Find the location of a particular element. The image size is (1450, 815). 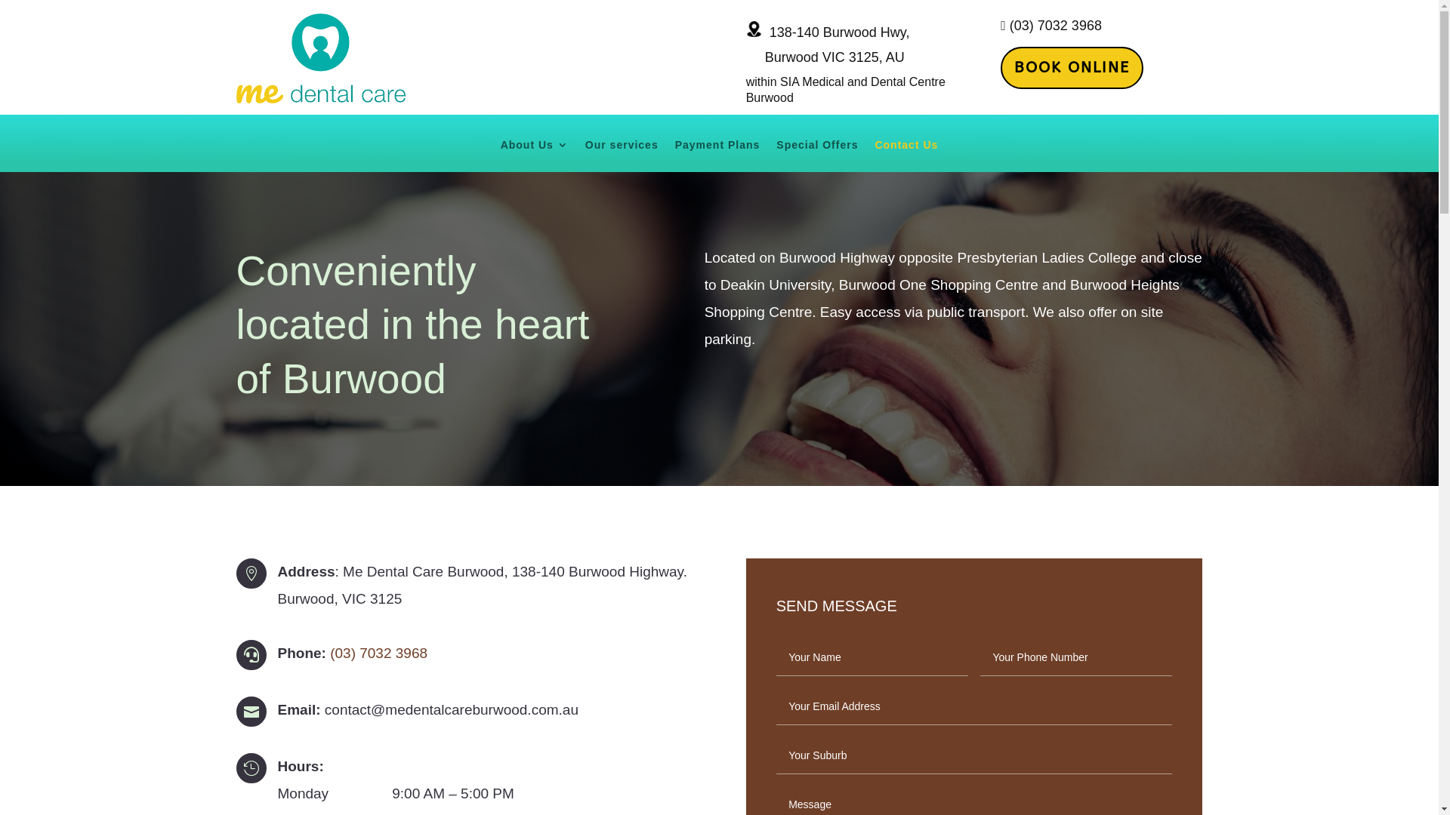

'Special Offers' is located at coordinates (816, 155).